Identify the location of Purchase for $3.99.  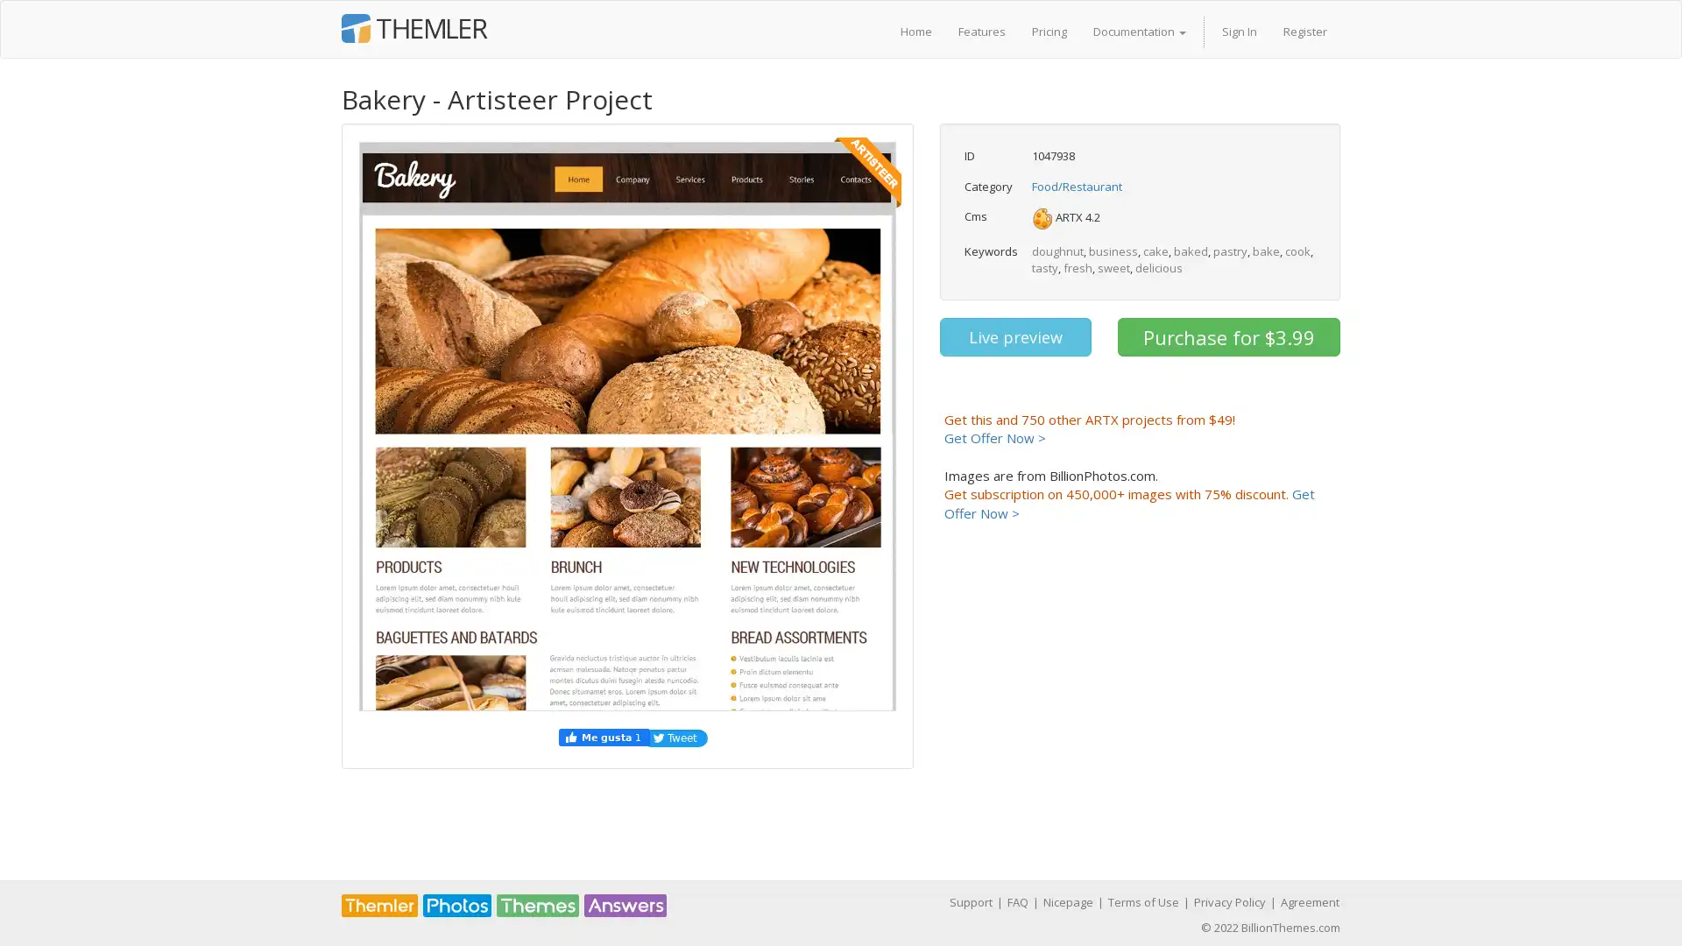
(1227, 337).